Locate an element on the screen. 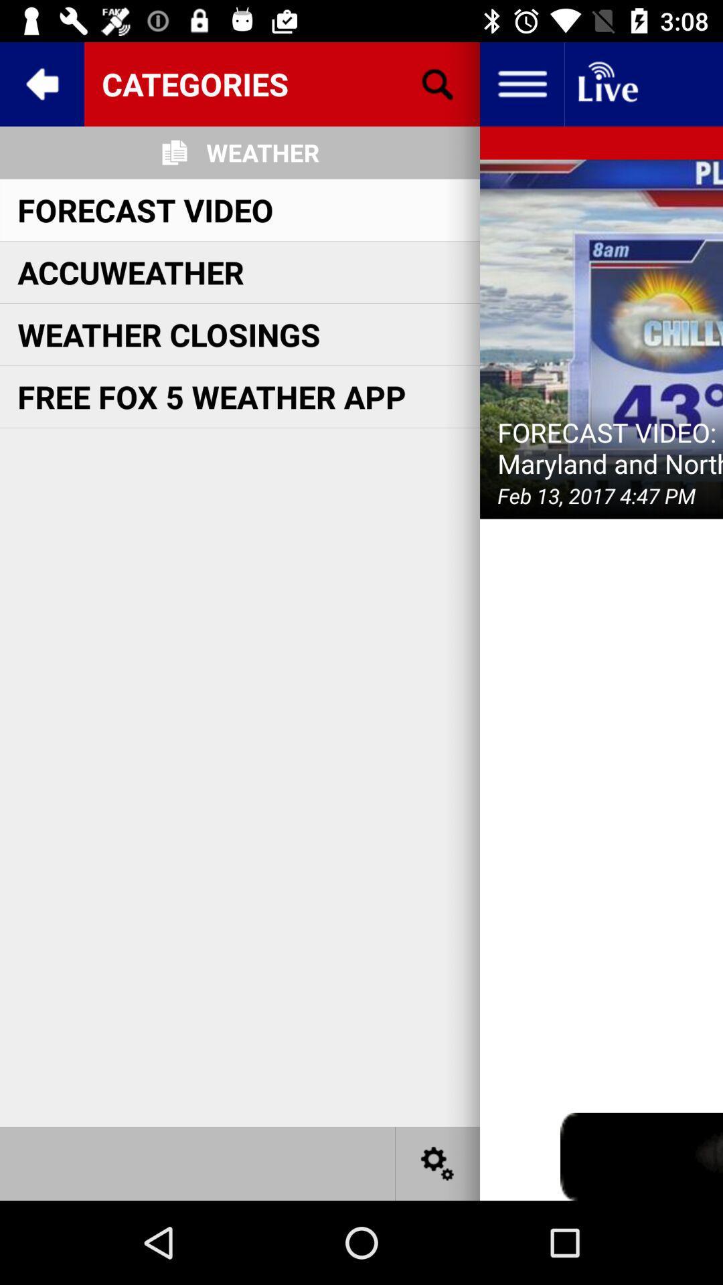 Image resolution: width=723 pixels, height=1285 pixels. the settings icon is located at coordinates (438, 1163).